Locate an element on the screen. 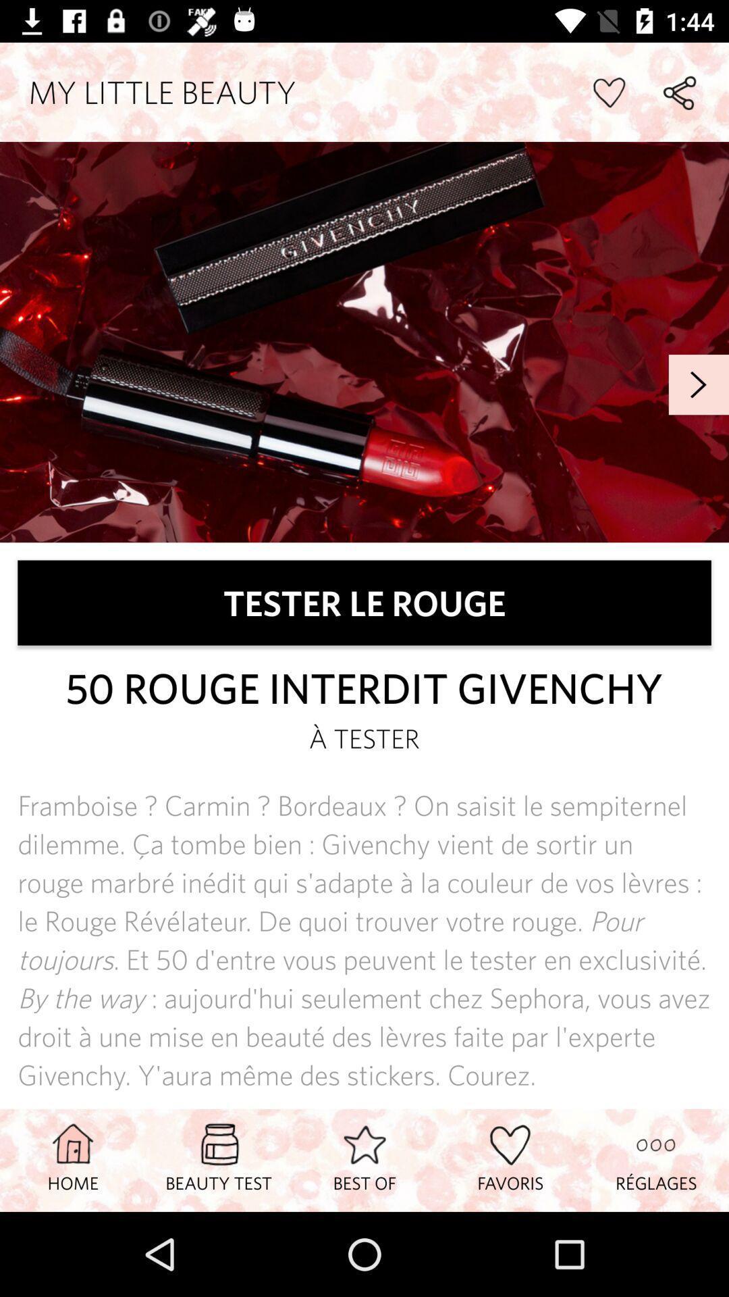 The height and width of the screenshot is (1297, 729). the favoris icon is located at coordinates (510, 1159).